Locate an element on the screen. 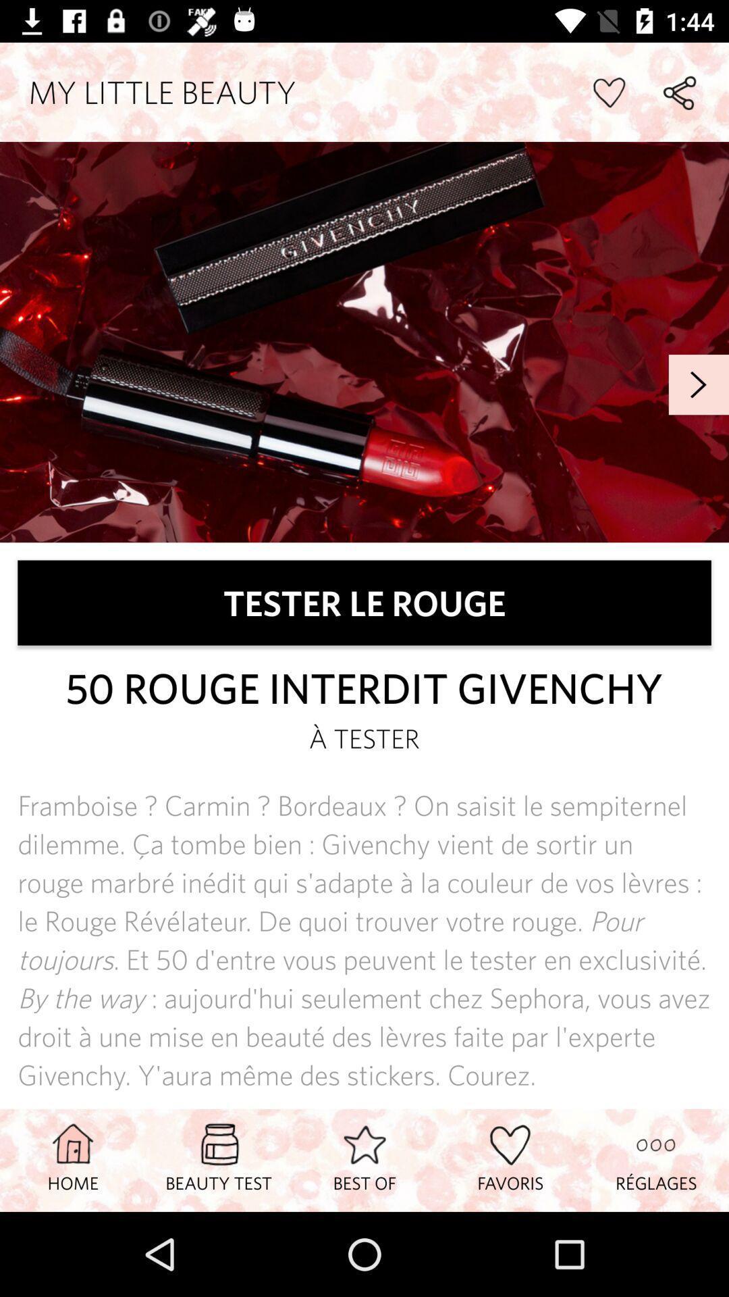 The height and width of the screenshot is (1297, 729). the favoris icon is located at coordinates (510, 1159).